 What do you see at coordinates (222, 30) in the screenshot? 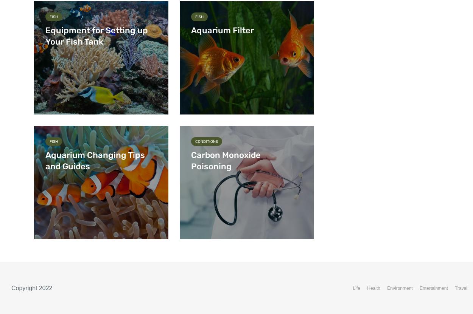
I see `'Aquarium Filter'` at bounding box center [222, 30].